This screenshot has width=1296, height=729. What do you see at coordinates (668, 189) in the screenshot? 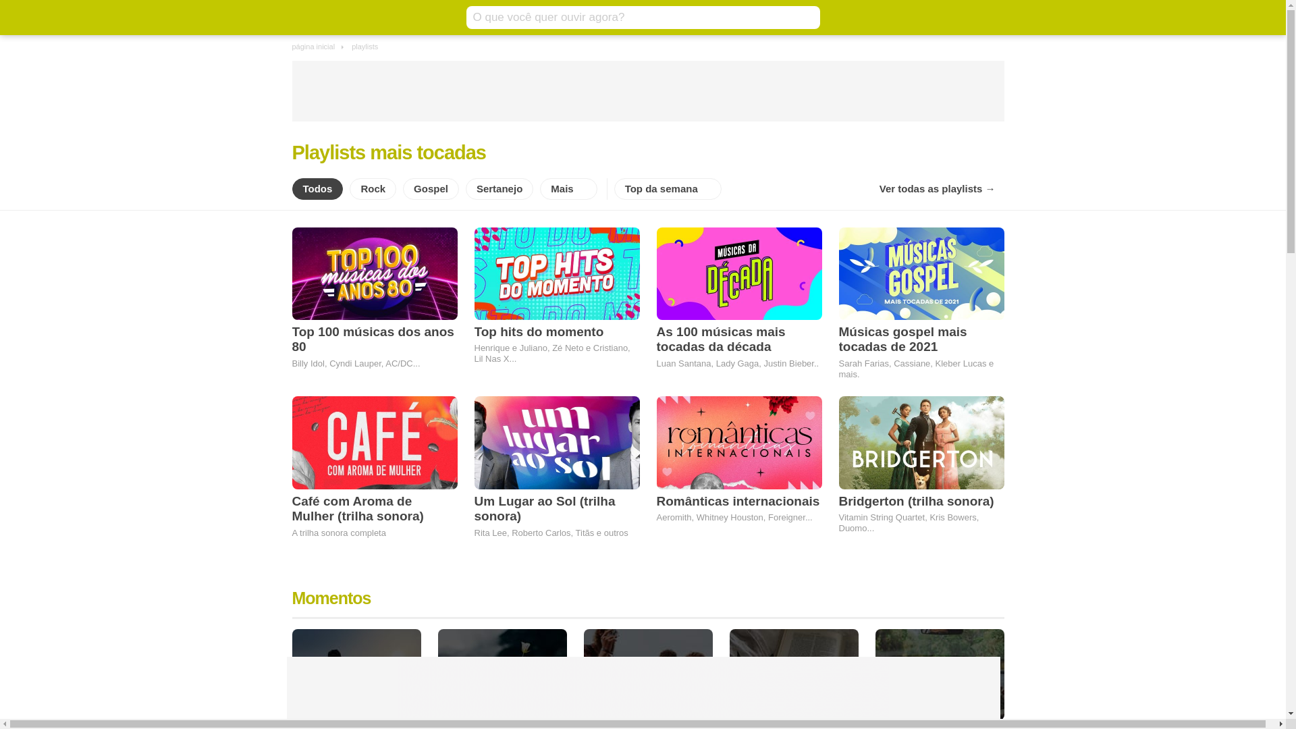
I see `'Top da semana'` at bounding box center [668, 189].